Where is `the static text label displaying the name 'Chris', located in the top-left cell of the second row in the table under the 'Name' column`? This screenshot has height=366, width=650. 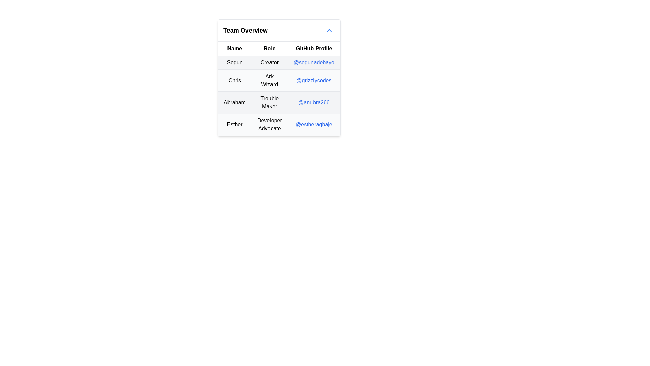 the static text label displaying the name 'Chris', located in the top-left cell of the second row in the table under the 'Name' column is located at coordinates (235, 80).